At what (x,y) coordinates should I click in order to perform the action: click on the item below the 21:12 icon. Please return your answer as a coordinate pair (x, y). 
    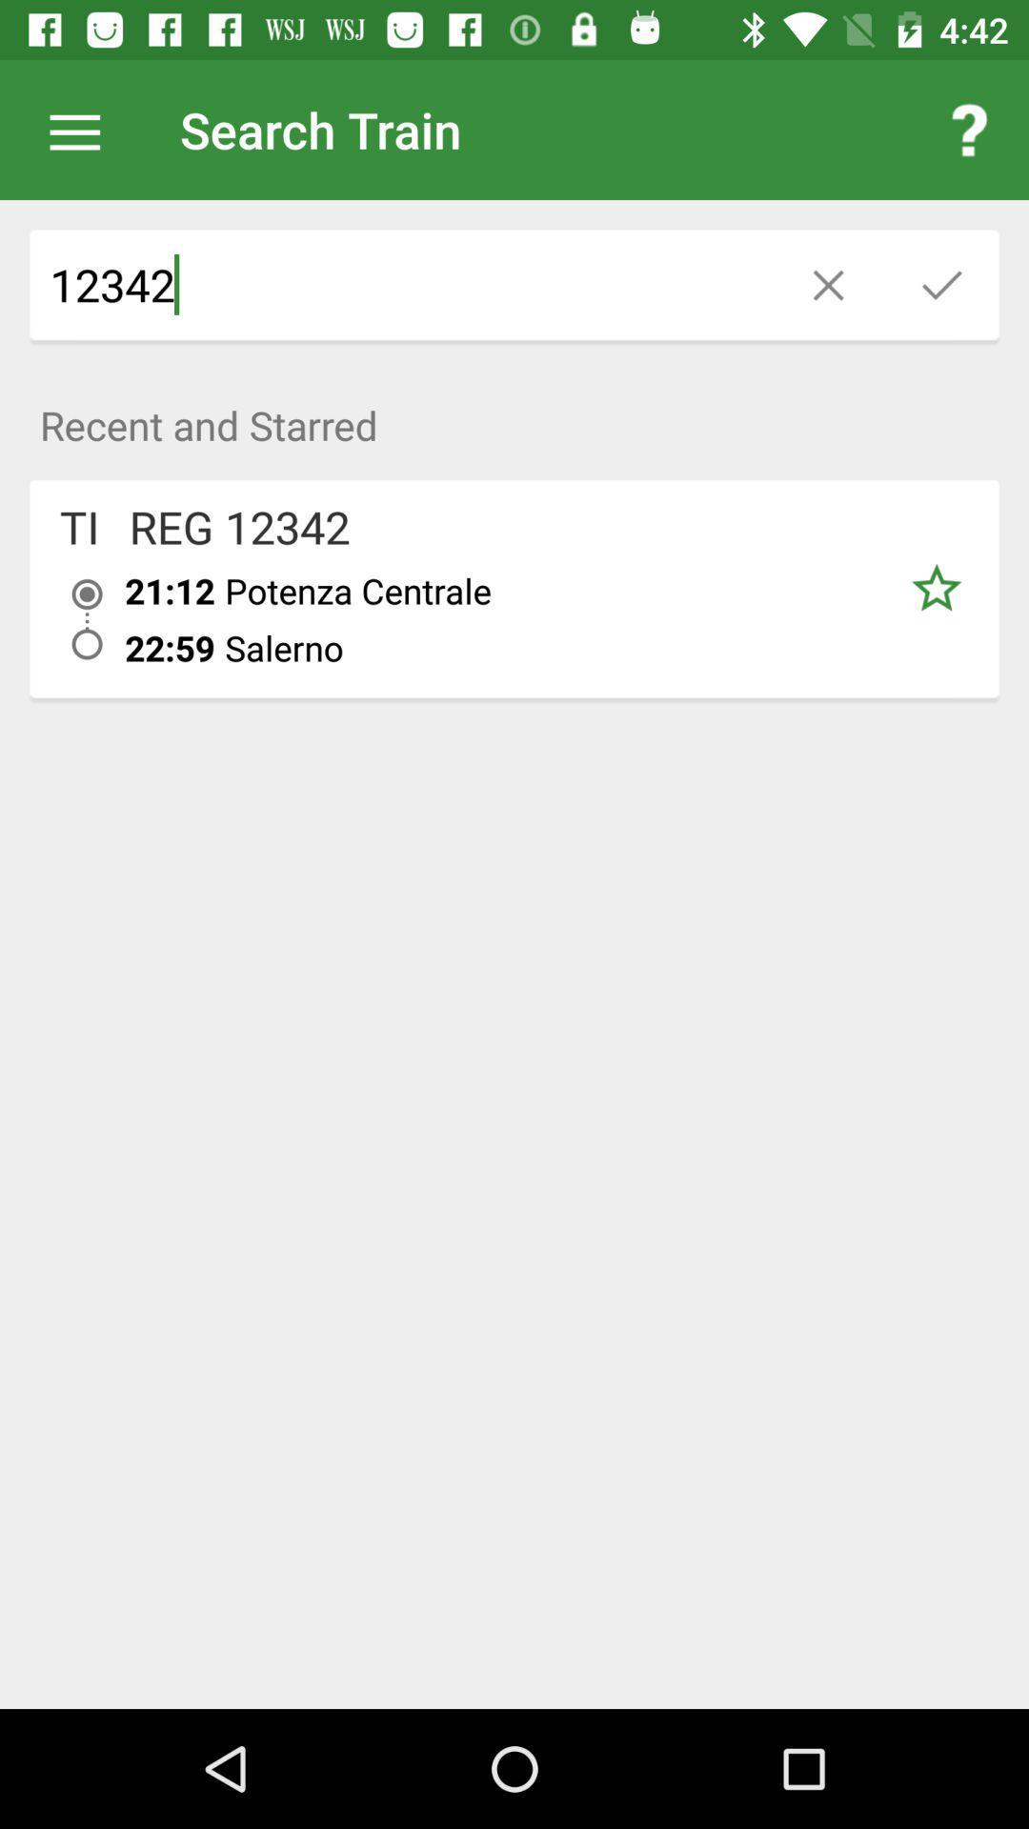
    Looking at the image, I should click on (169, 648).